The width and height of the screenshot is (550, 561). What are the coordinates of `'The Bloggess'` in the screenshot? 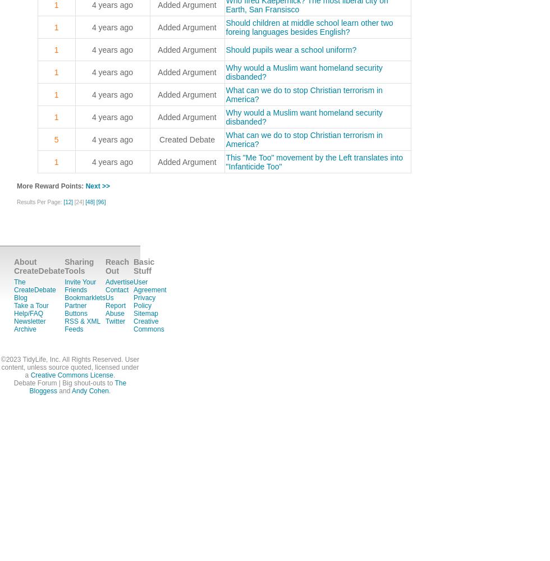 It's located at (77, 387).